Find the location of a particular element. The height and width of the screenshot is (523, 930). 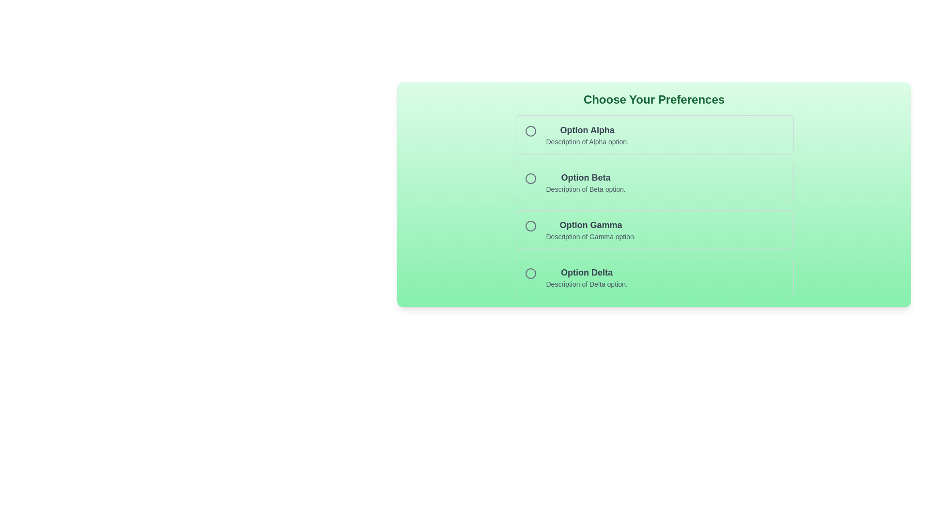

to select 'Option Beta' in the preference selection interface, which is the second option in the list is located at coordinates (654, 183).